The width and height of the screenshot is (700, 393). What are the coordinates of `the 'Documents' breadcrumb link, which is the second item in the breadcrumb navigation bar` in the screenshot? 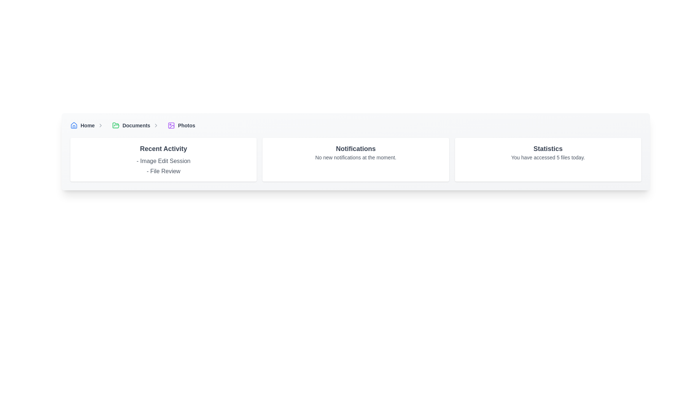 It's located at (137, 125).